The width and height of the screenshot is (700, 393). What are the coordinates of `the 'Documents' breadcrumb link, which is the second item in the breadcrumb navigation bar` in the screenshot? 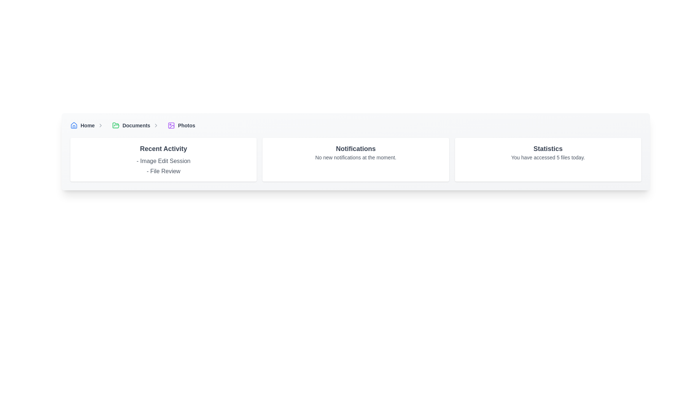 It's located at (137, 125).